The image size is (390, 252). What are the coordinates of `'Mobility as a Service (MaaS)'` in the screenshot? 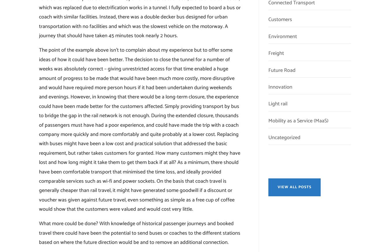 It's located at (298, 120).